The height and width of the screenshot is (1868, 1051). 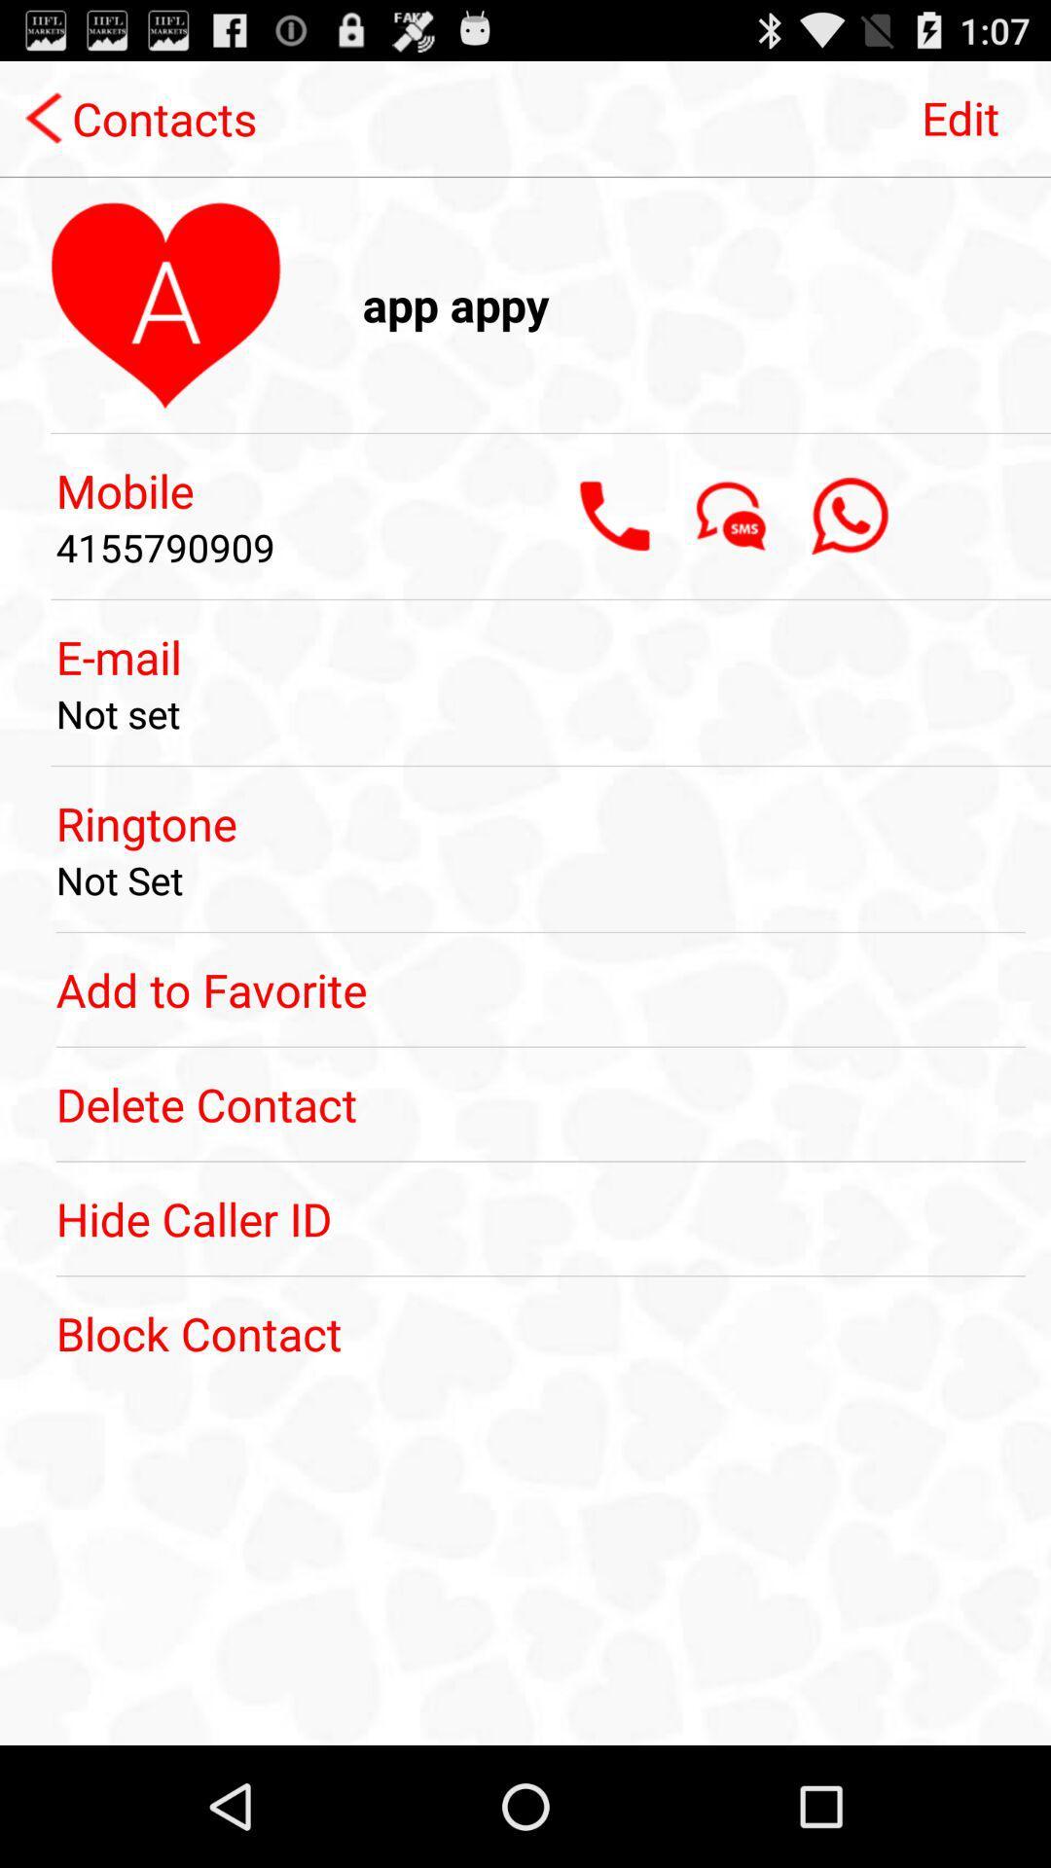 What do you see at coordinates (849, 551) in the screenshot?
I see `the call icon` at bounding box center [849, 551].